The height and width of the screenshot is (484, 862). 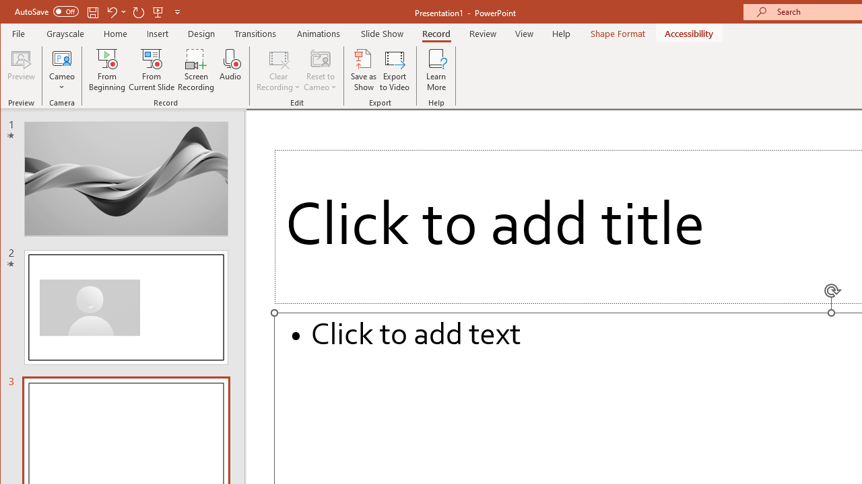 I want to click on 'Save as Show', so click(x=364, y=70).